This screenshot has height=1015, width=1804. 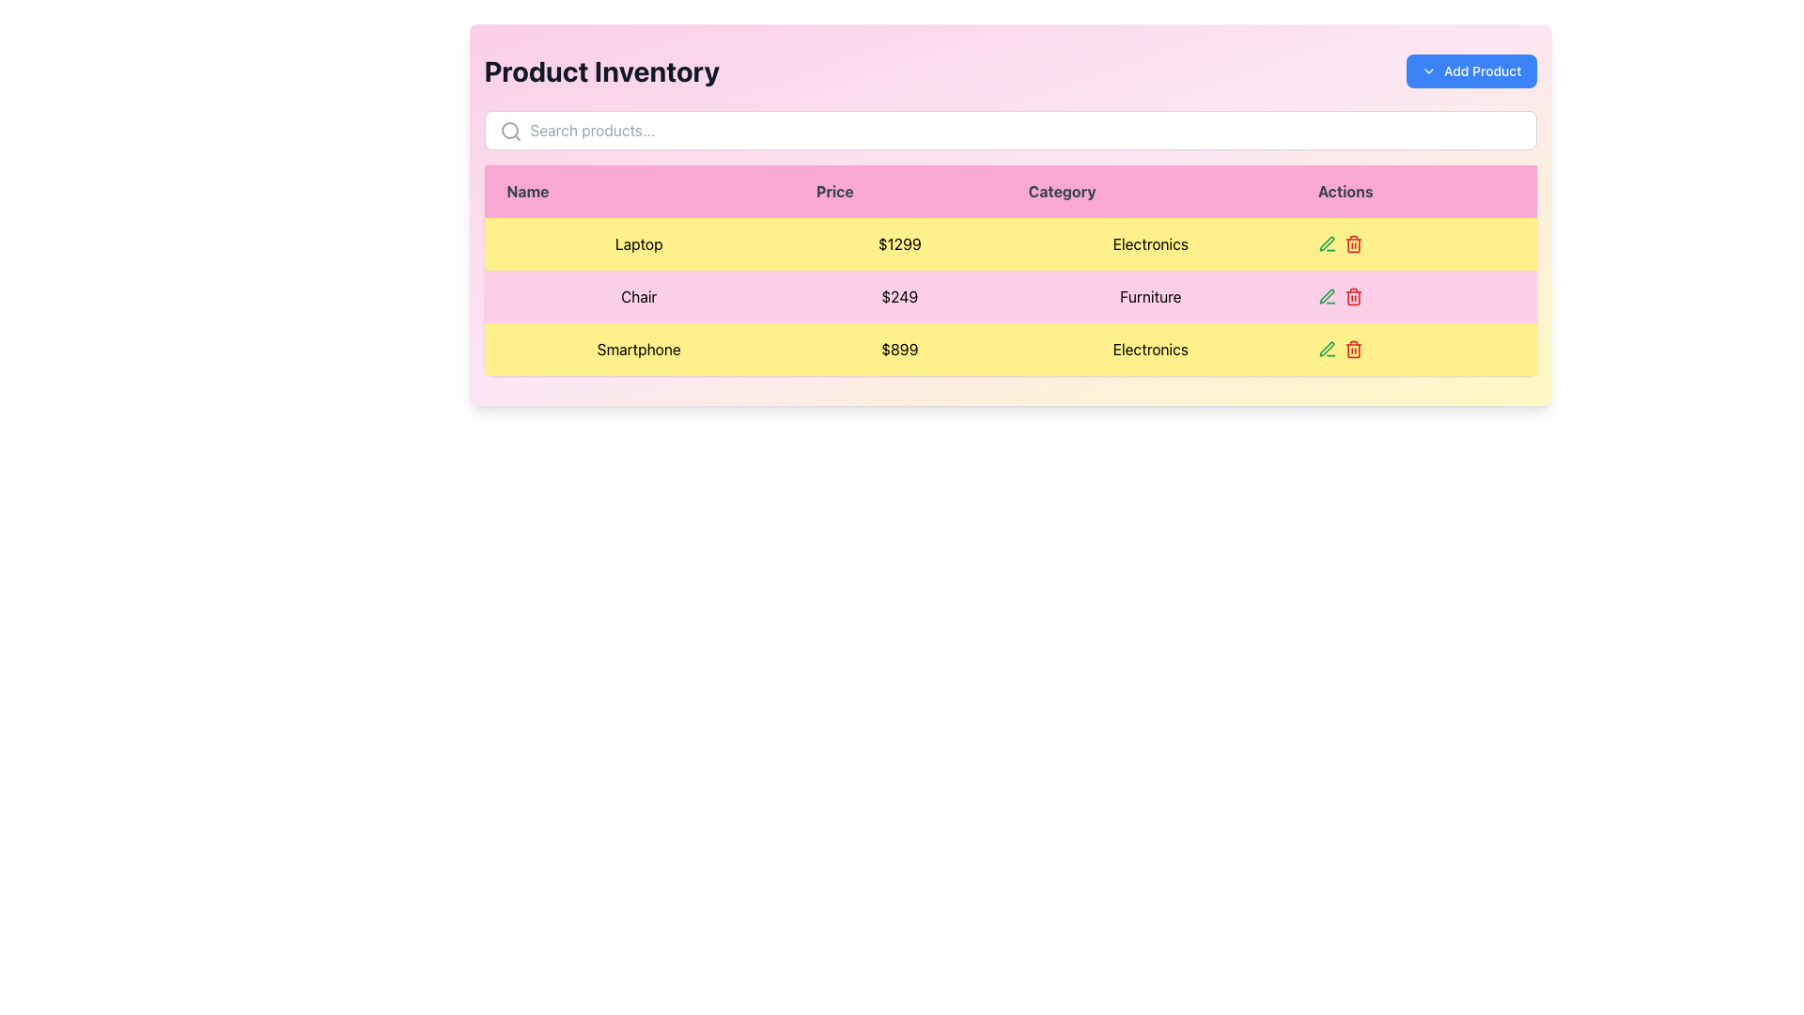 I want to click on the static text label reading 'Furniture' located in the 'Category' column of the second row of the table, which has a pale pink background and is positioned between the price '$249' and the 'Actions' column, so click(x=1149, y=296).